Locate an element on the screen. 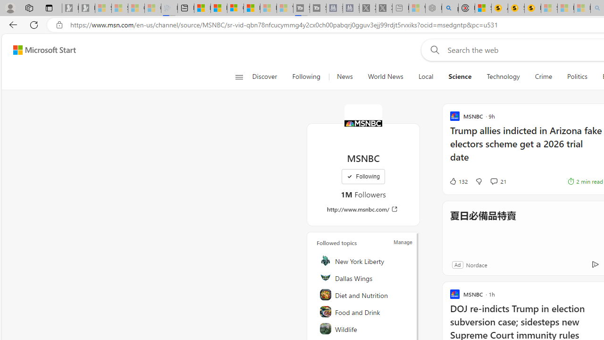  'http://www.msnbc.com/' is located at coordinates (362, 209).